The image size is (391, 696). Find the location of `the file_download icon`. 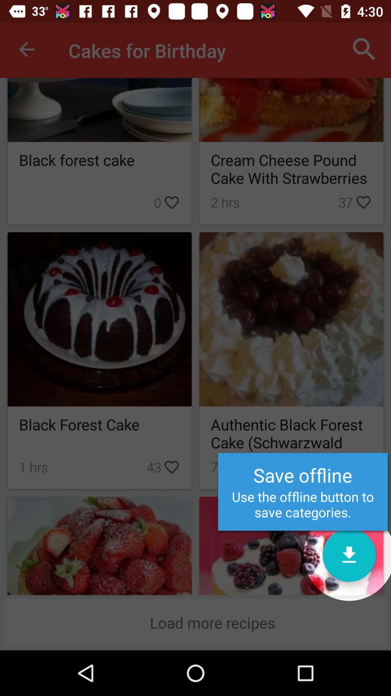

the file_download icon is located at coordinates (349, 555).